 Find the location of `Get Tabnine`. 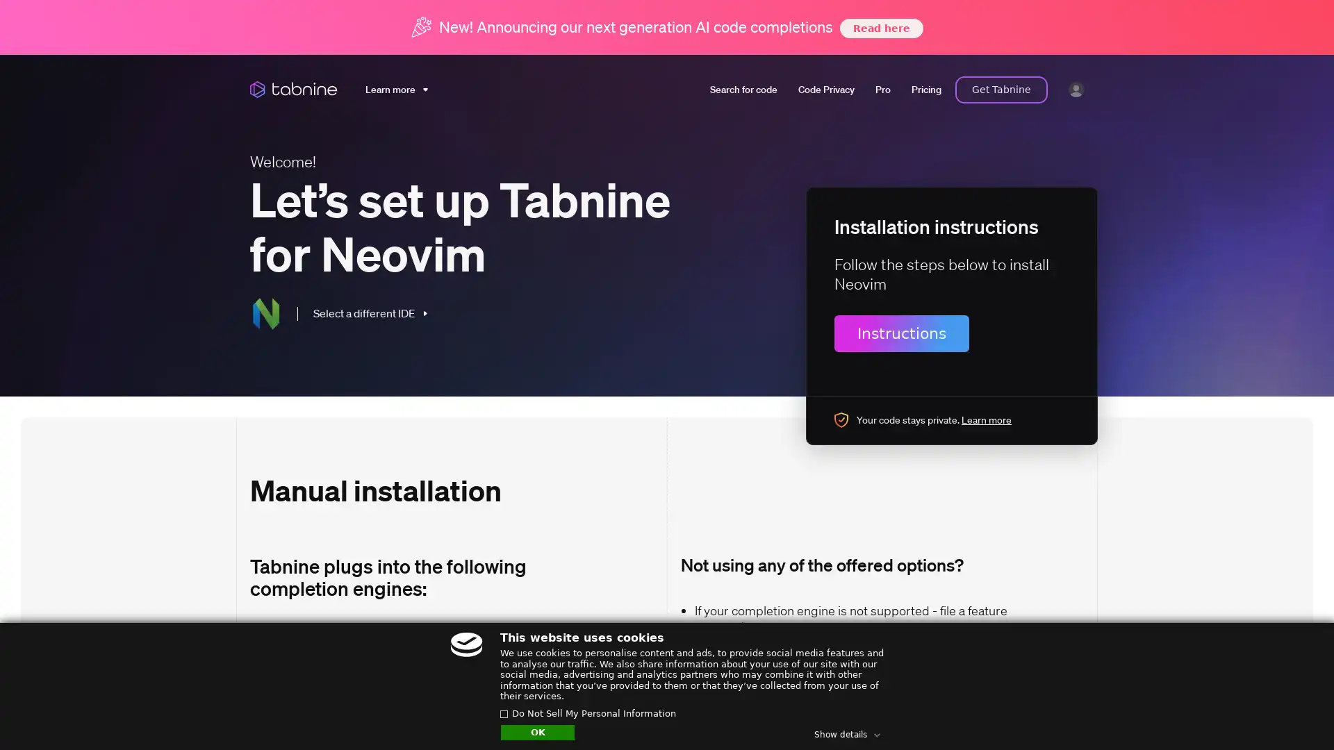

Get Tabnine is located at coordinates (1001, 89).